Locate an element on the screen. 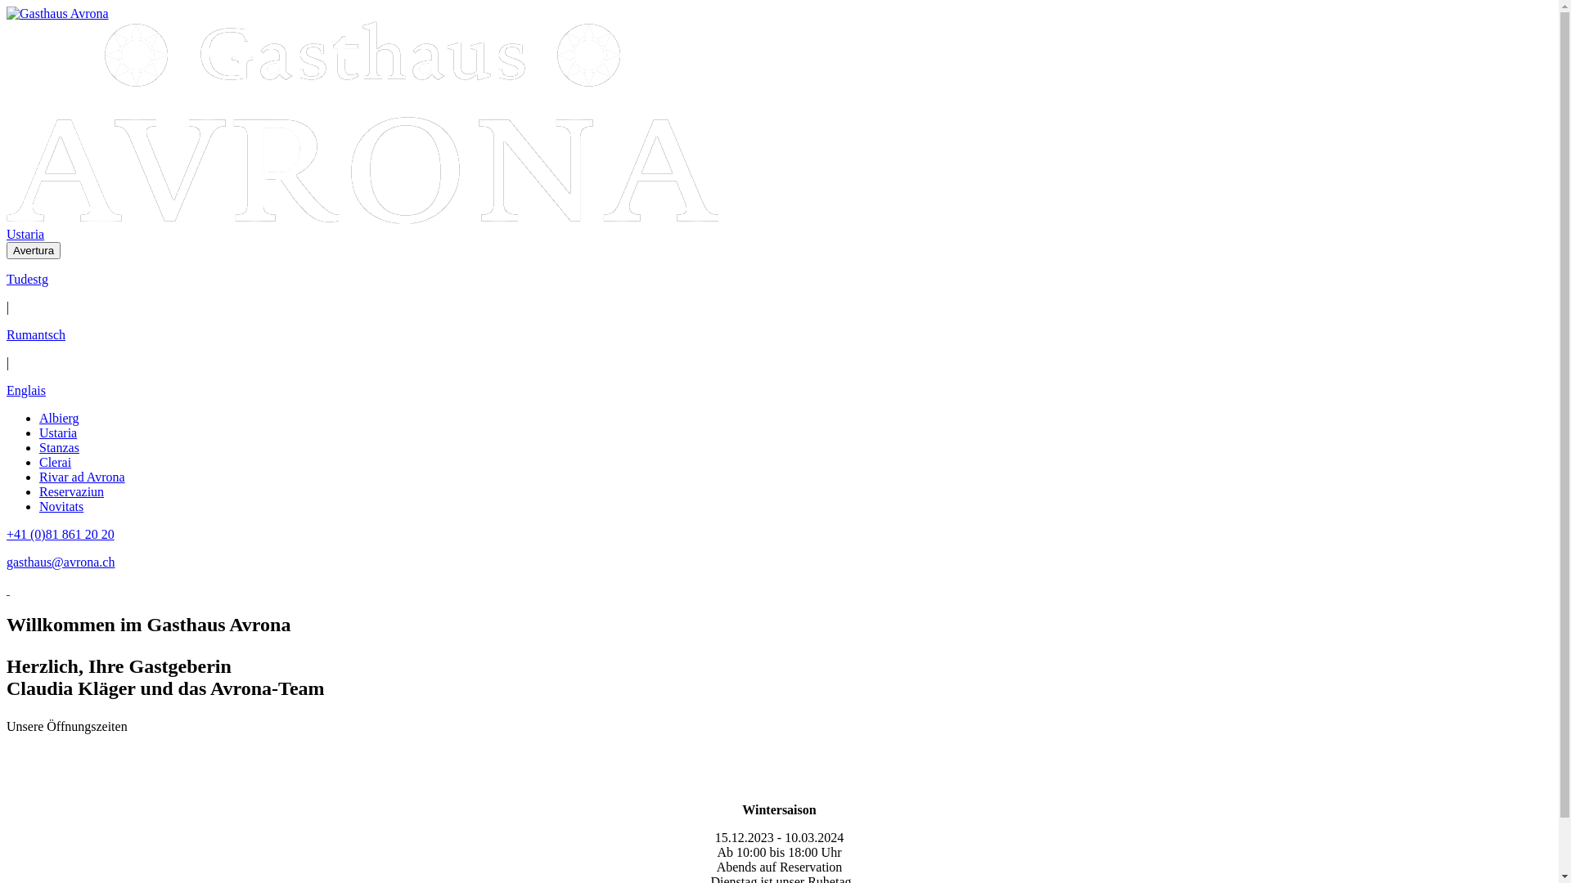 The height and width of the screenshot is (883, 1571). 'Englais' is located at coordinates (26, 390).